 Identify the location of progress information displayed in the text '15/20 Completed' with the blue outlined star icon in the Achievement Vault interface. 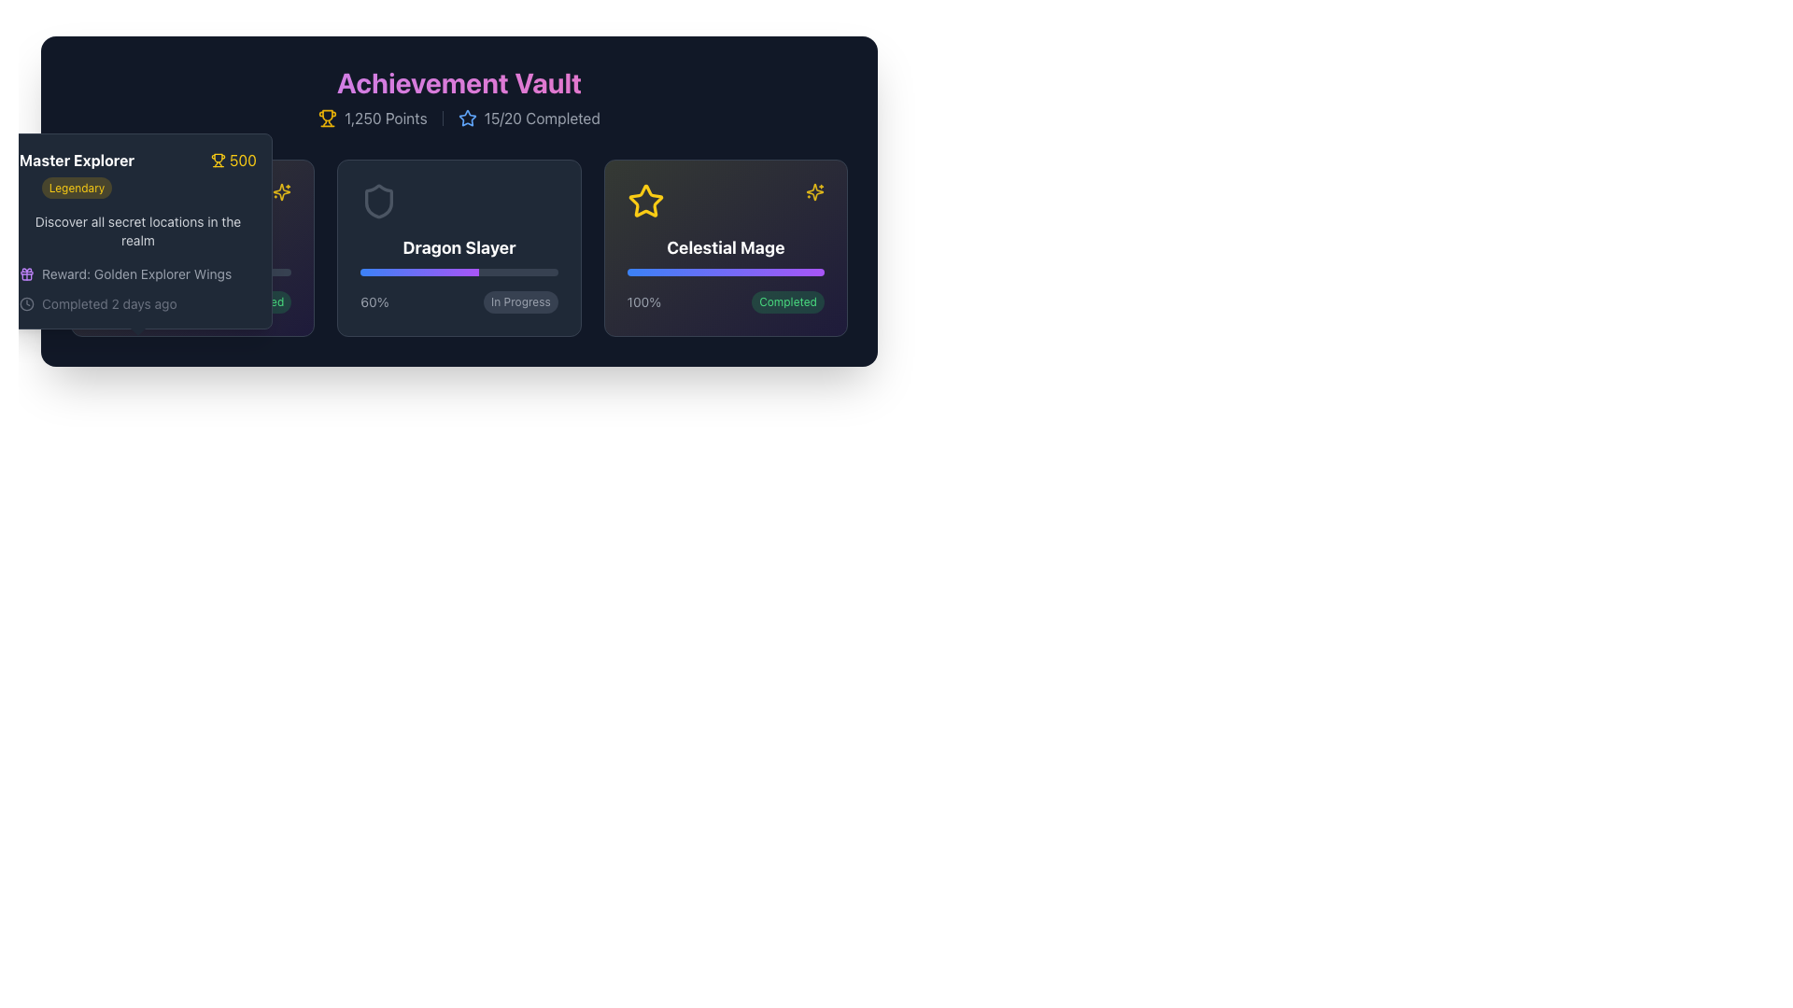
(528, 119).